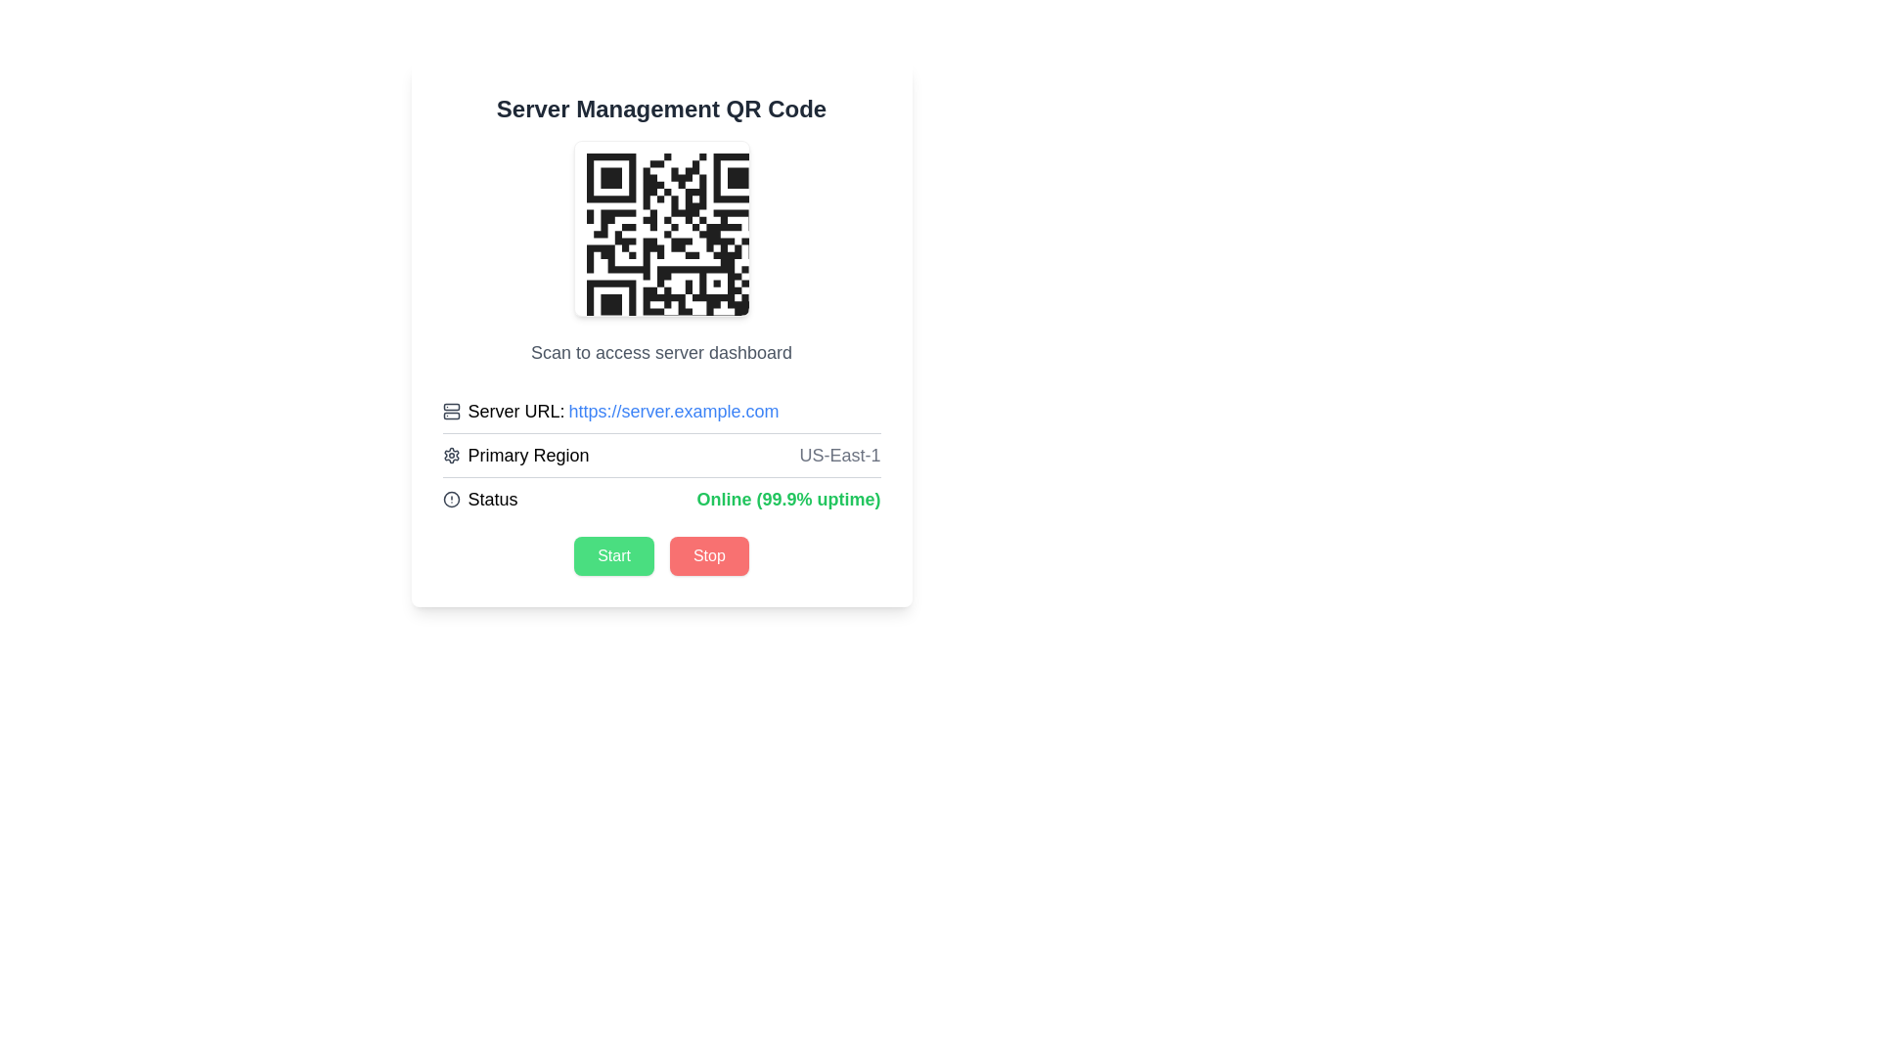  I want to click on the stop button located in the bottom center of the interface, next to the 'Start' button, to observe any hover effects, so click(708, 556).